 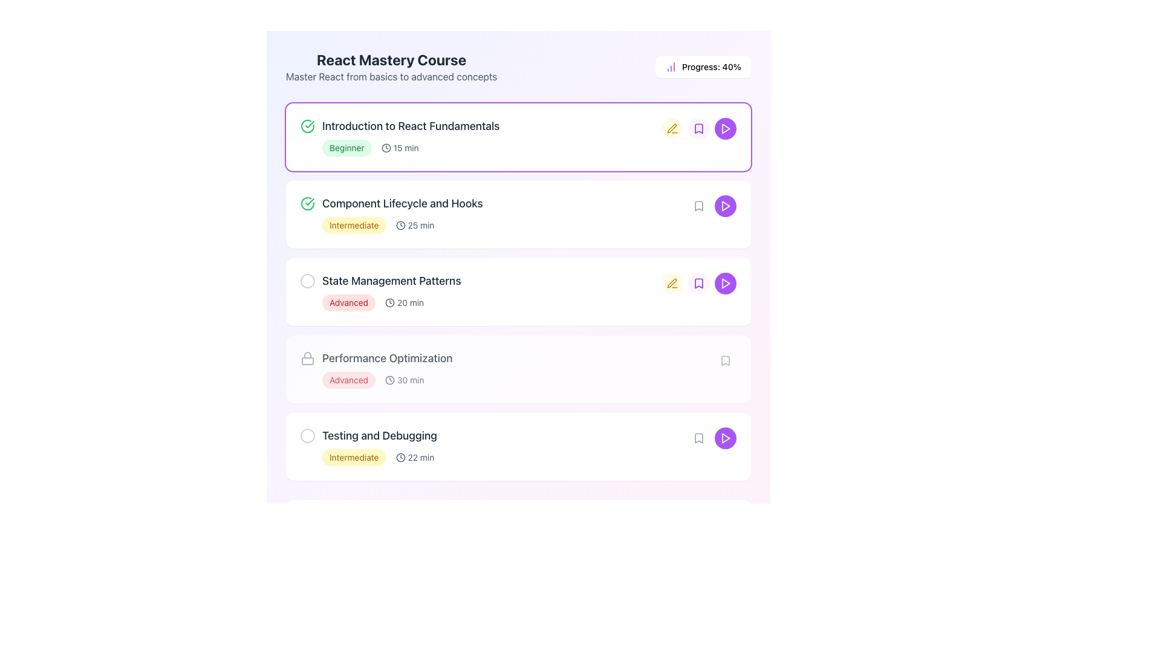 What do you see at coordinates (699, 438) in the screenshot?
I see `the small bookmark icon button, which has a light gray outline and is positioned in the fifth row` at bounding box center [699, 438].